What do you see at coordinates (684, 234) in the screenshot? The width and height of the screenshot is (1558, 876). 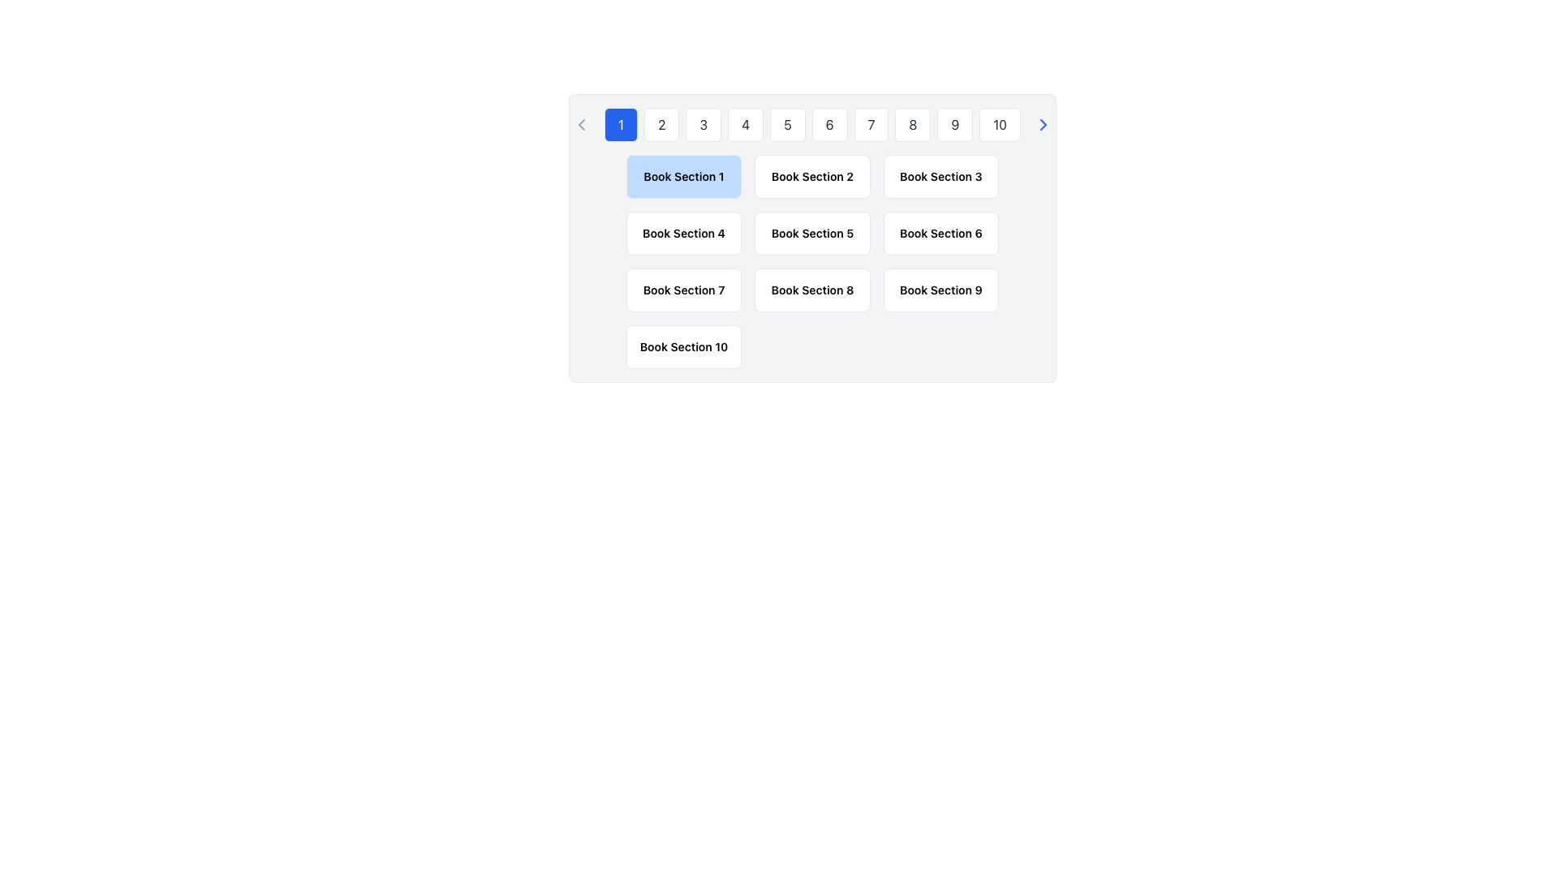 I see `the grid cell labeled 'Book Section 4', which is styled as a clickable block and is part of a grid layout` at bounding box center [684, 234].